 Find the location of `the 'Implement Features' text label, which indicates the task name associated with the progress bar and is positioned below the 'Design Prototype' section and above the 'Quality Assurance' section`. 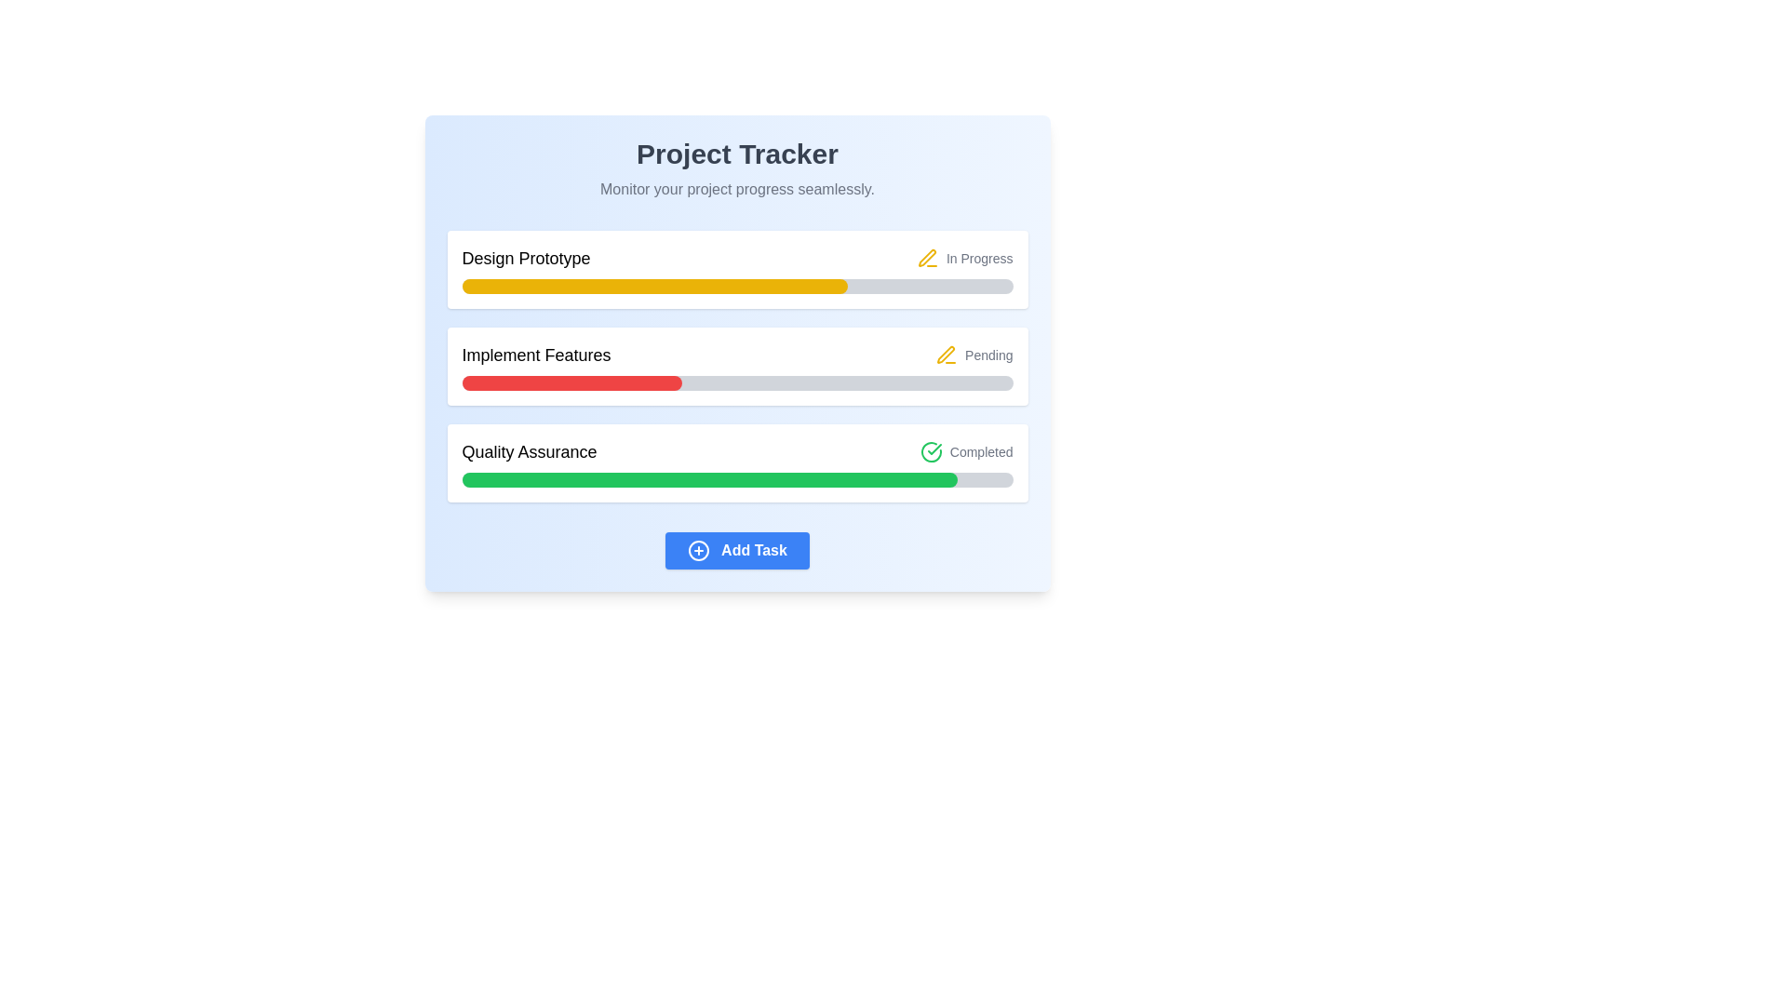

the 'Implement Features' text label, which indicates the task name associated with the progress bar and is positioned below the 'Design Prototype' section and above the 'Quality Assurance' section is located at coordinates (535, 355).